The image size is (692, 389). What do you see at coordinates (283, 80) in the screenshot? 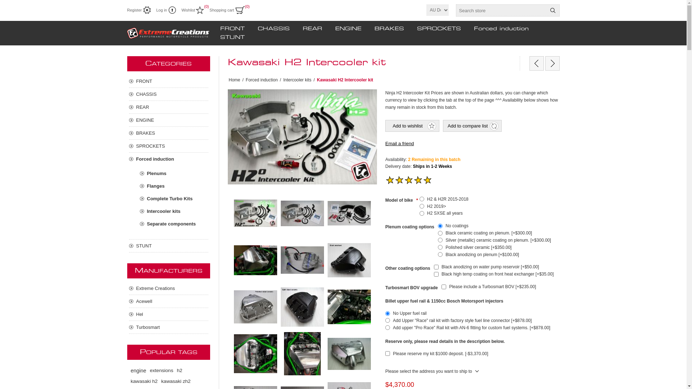
I see `'Intercooler kits'` at bounding box center [283, 80].